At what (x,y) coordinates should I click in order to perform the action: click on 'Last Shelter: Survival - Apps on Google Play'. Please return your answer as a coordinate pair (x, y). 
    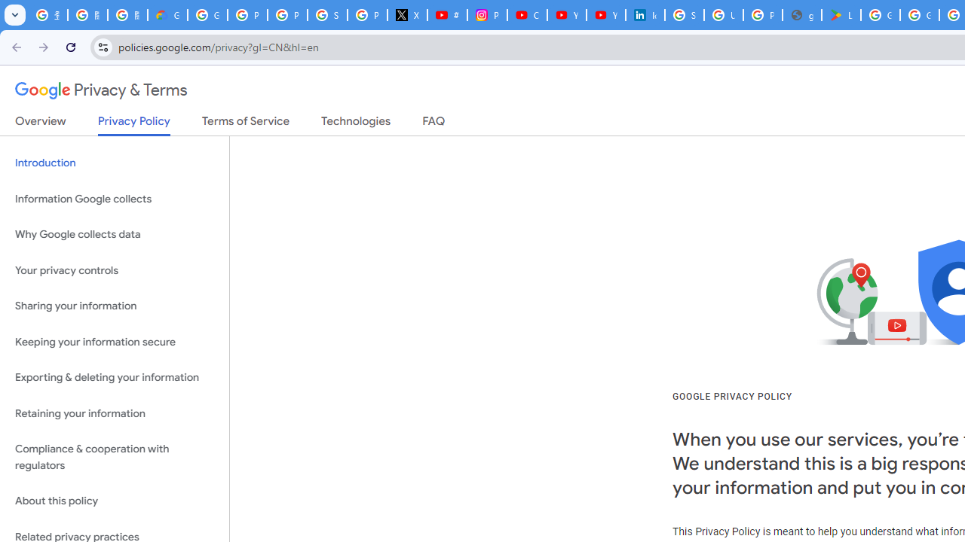
    Looking at the image, I should click on (841, 15).